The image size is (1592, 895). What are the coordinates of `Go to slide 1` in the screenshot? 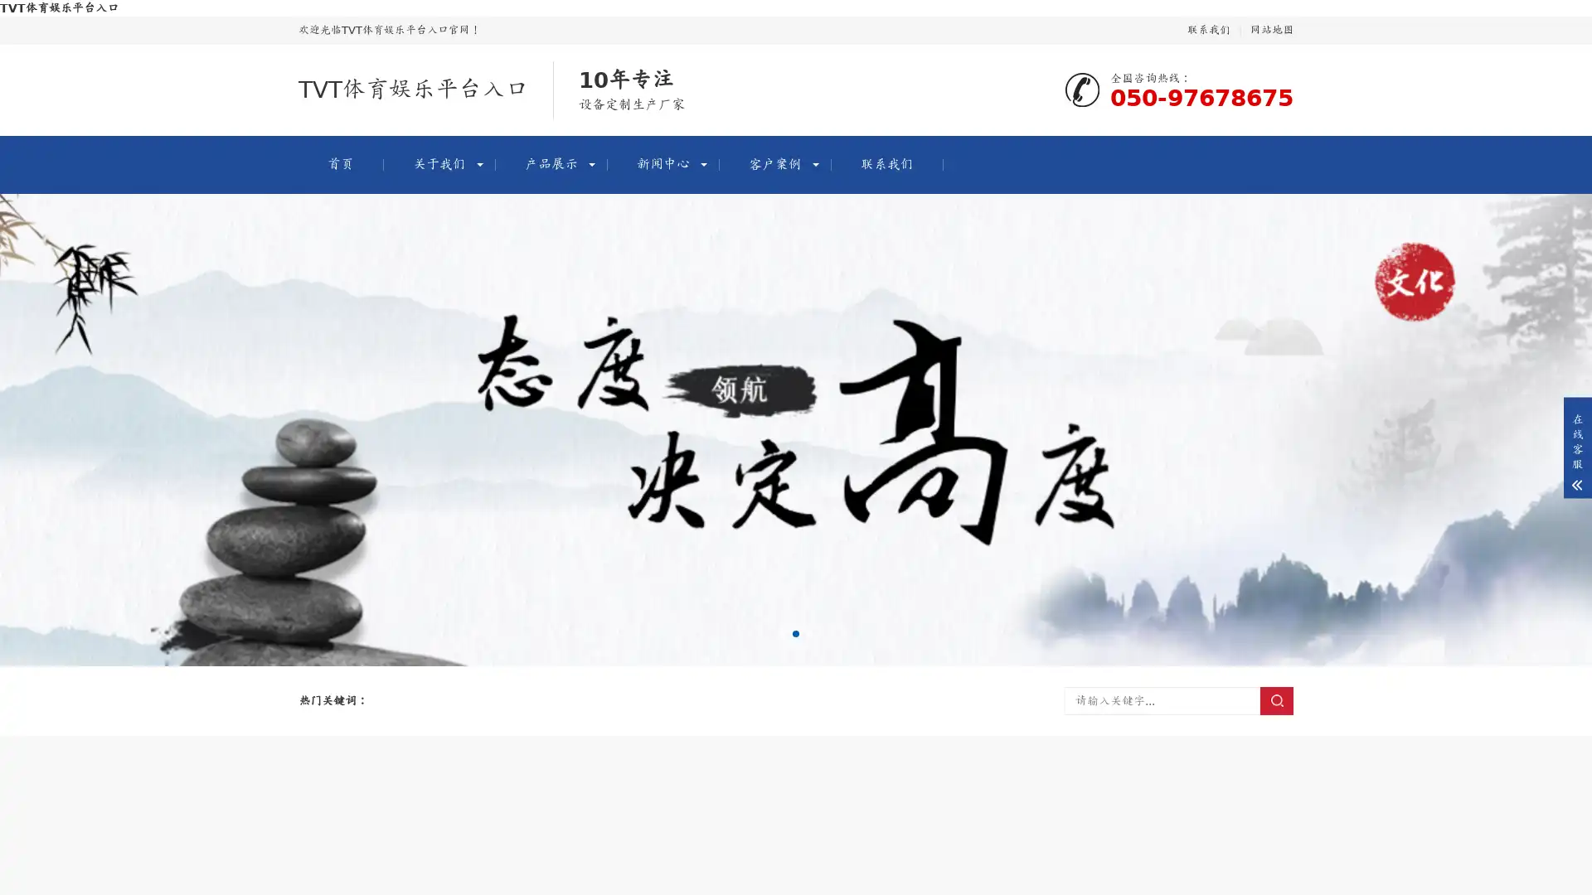 It's located at (782, 633).